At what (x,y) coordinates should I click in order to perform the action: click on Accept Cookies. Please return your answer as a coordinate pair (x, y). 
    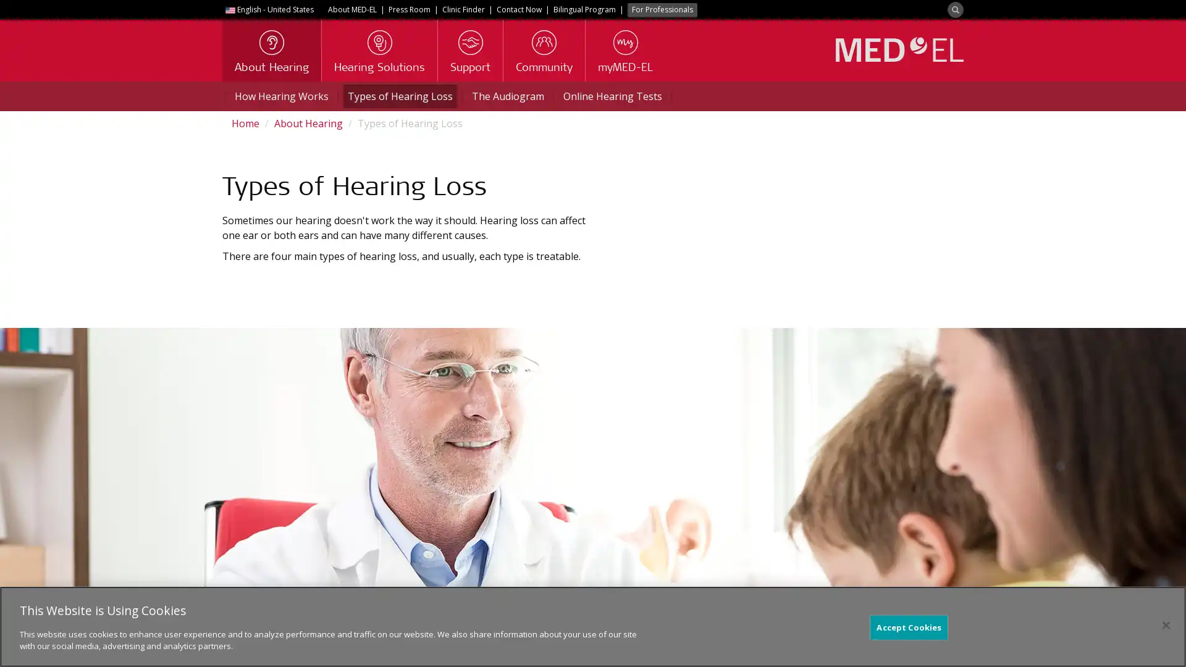
    Looking at the image, I should click on (909, 627).